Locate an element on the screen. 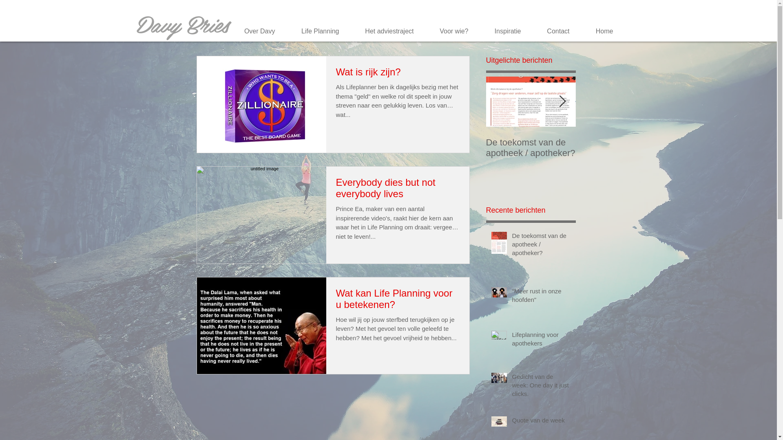 The height and width of the screenshot is (440, 783). 'Voor wie?' is located at coordinates (448, 31).